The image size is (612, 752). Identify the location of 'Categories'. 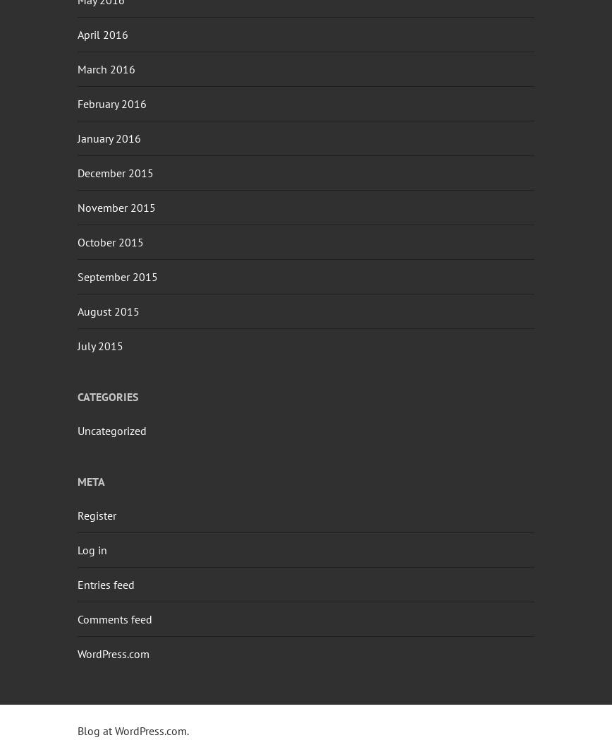
(108, 396).